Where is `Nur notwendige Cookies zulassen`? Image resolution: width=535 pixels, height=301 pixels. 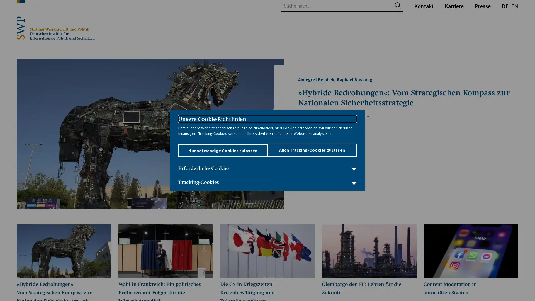
Nur notwendige Cookies zulassen is located at coordinates (222, 150).